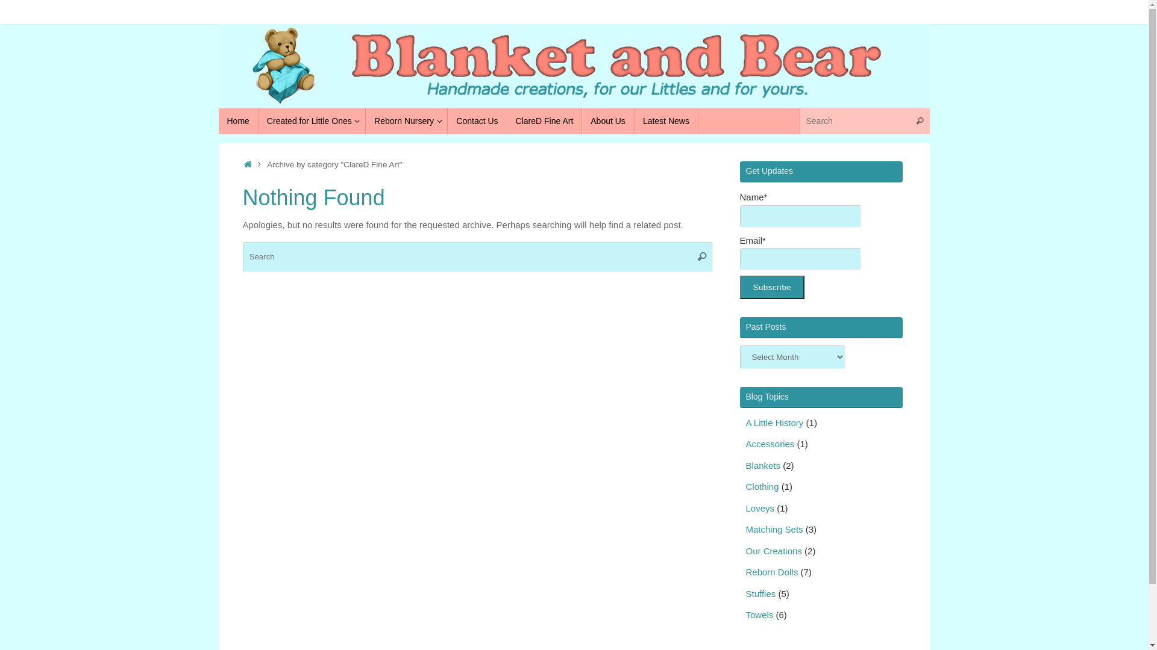 The width and height of the screenshot is (1157, 650). What do you see at coordinates (759, 614) in the screenshot?
I see `'Towels'` at bounding box center [759, 614].